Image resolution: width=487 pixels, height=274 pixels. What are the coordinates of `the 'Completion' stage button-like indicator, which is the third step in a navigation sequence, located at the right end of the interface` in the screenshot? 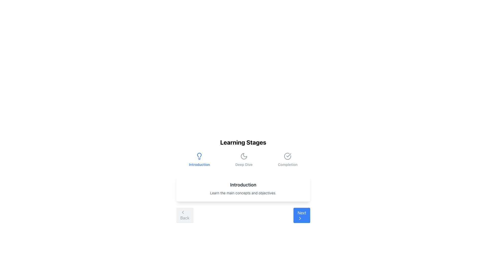 It's located at (288, 159).